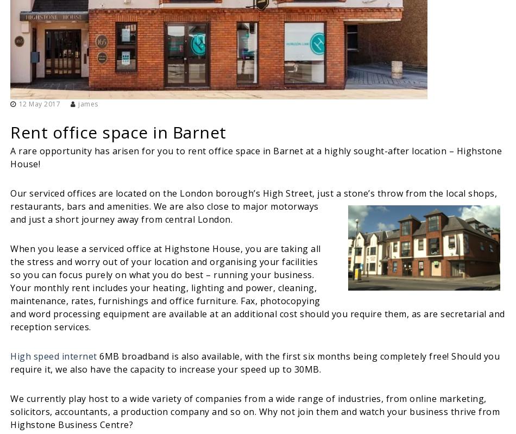  I want to click on 'When you lease a serviced office at Highstone House, you are taking all the stress and worry out of your location and organising your facilities so you can focus purely on what you do best – running your business. Your monthly rent includes your heating, lighting and power, cleaning, maintenance, rates, furnishings and office furniture. Fax, photocopying and word processing equipment are available at an additional cost should you require them, as are secretarial and reception services.', so click(256, 287).